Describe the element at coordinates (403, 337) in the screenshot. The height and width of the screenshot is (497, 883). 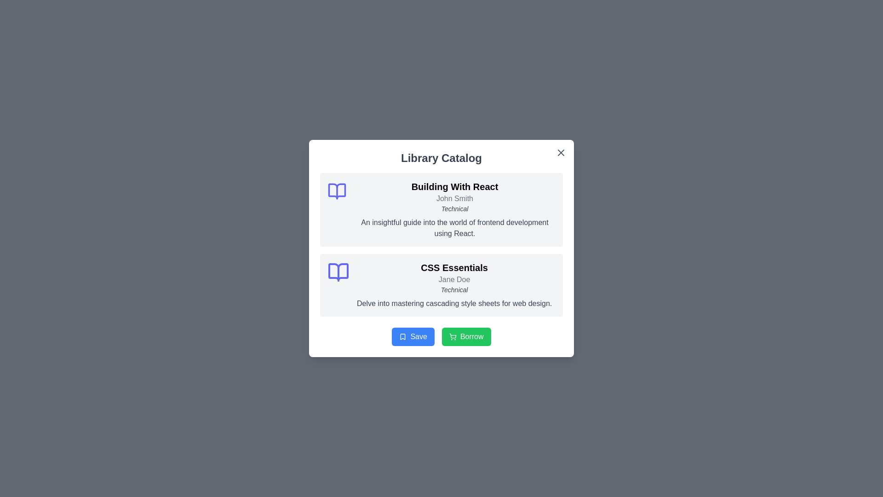
I see `the graphical icon representing the 'CSS Essentials' card, which is the second listing in the dialog interface and is centrally aligned vertically to the text content` at that location.